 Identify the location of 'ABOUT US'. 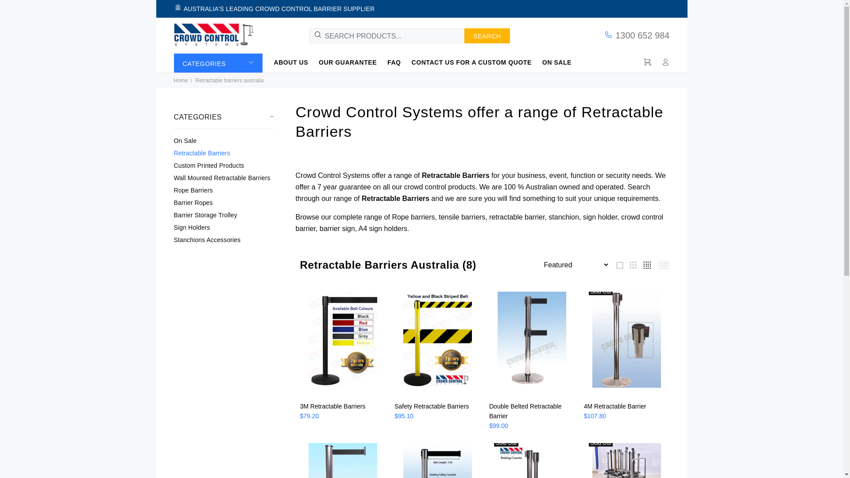
(273, 62).